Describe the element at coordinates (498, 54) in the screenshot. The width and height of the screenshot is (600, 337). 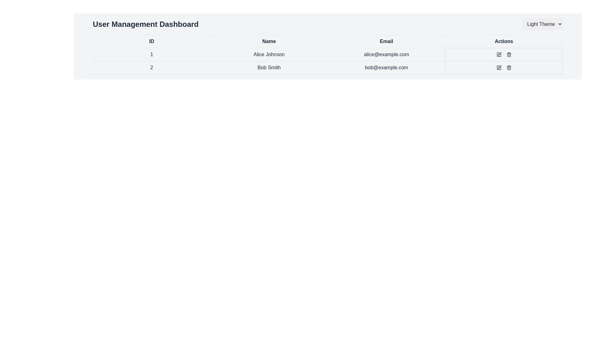
I see `the SVG edit icon in the Actions column of the User Management Dashboard for user 'Alice Johnson'` at that location.